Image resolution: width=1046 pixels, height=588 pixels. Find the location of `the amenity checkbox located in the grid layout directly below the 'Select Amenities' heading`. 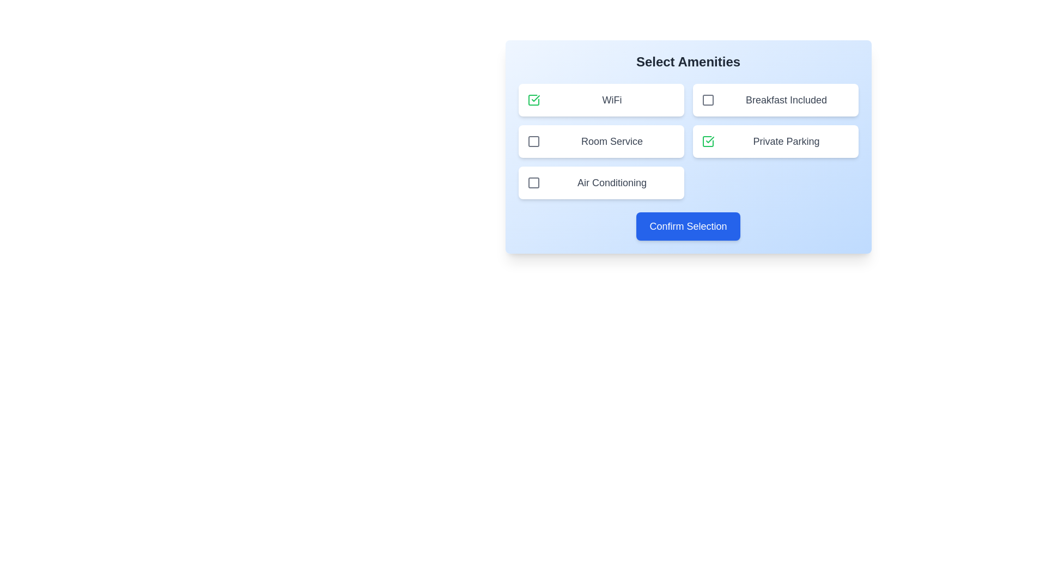

the amenity checkbox located in the grid layout directly below the 'Select Amenities' heading is located at coordinates (688, 140).